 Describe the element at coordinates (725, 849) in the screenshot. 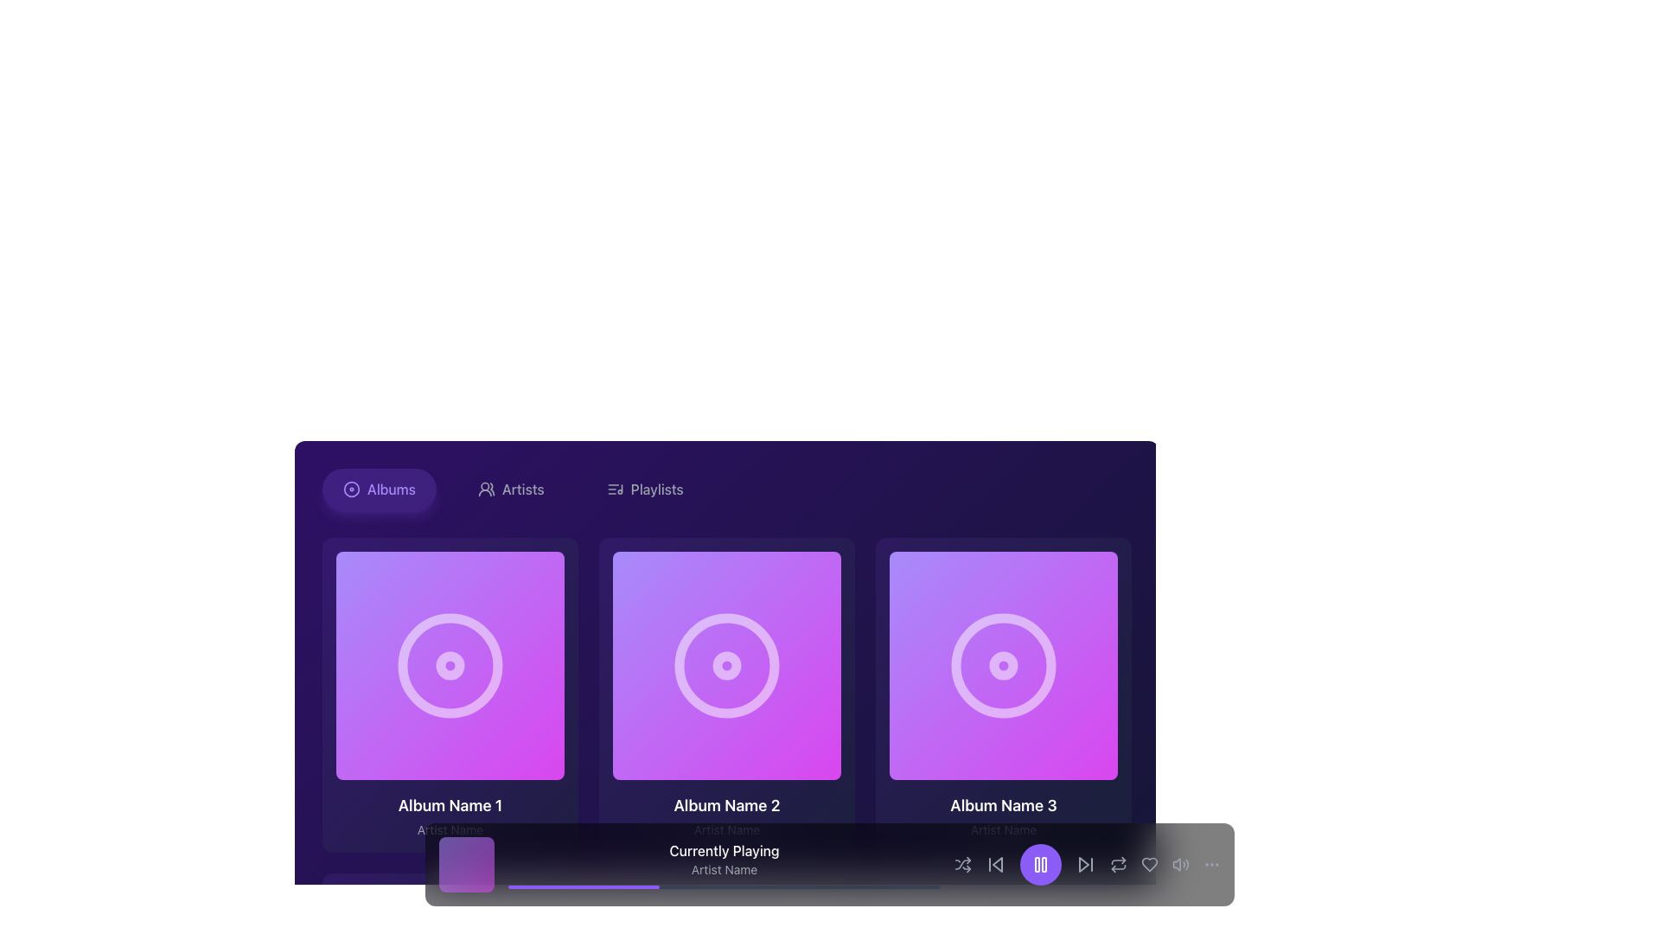

I see `the 'Currently Playing' text label, which is a medium-weight, white-colored text on a dark background, located at the bottom section of the media interface` at that location.